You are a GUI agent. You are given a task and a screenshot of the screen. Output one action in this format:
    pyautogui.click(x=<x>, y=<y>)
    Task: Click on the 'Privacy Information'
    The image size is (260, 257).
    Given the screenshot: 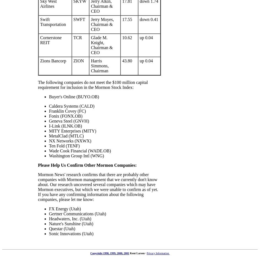 What is the action you would take?
    pyautogui.click(x=158, y=253)
    